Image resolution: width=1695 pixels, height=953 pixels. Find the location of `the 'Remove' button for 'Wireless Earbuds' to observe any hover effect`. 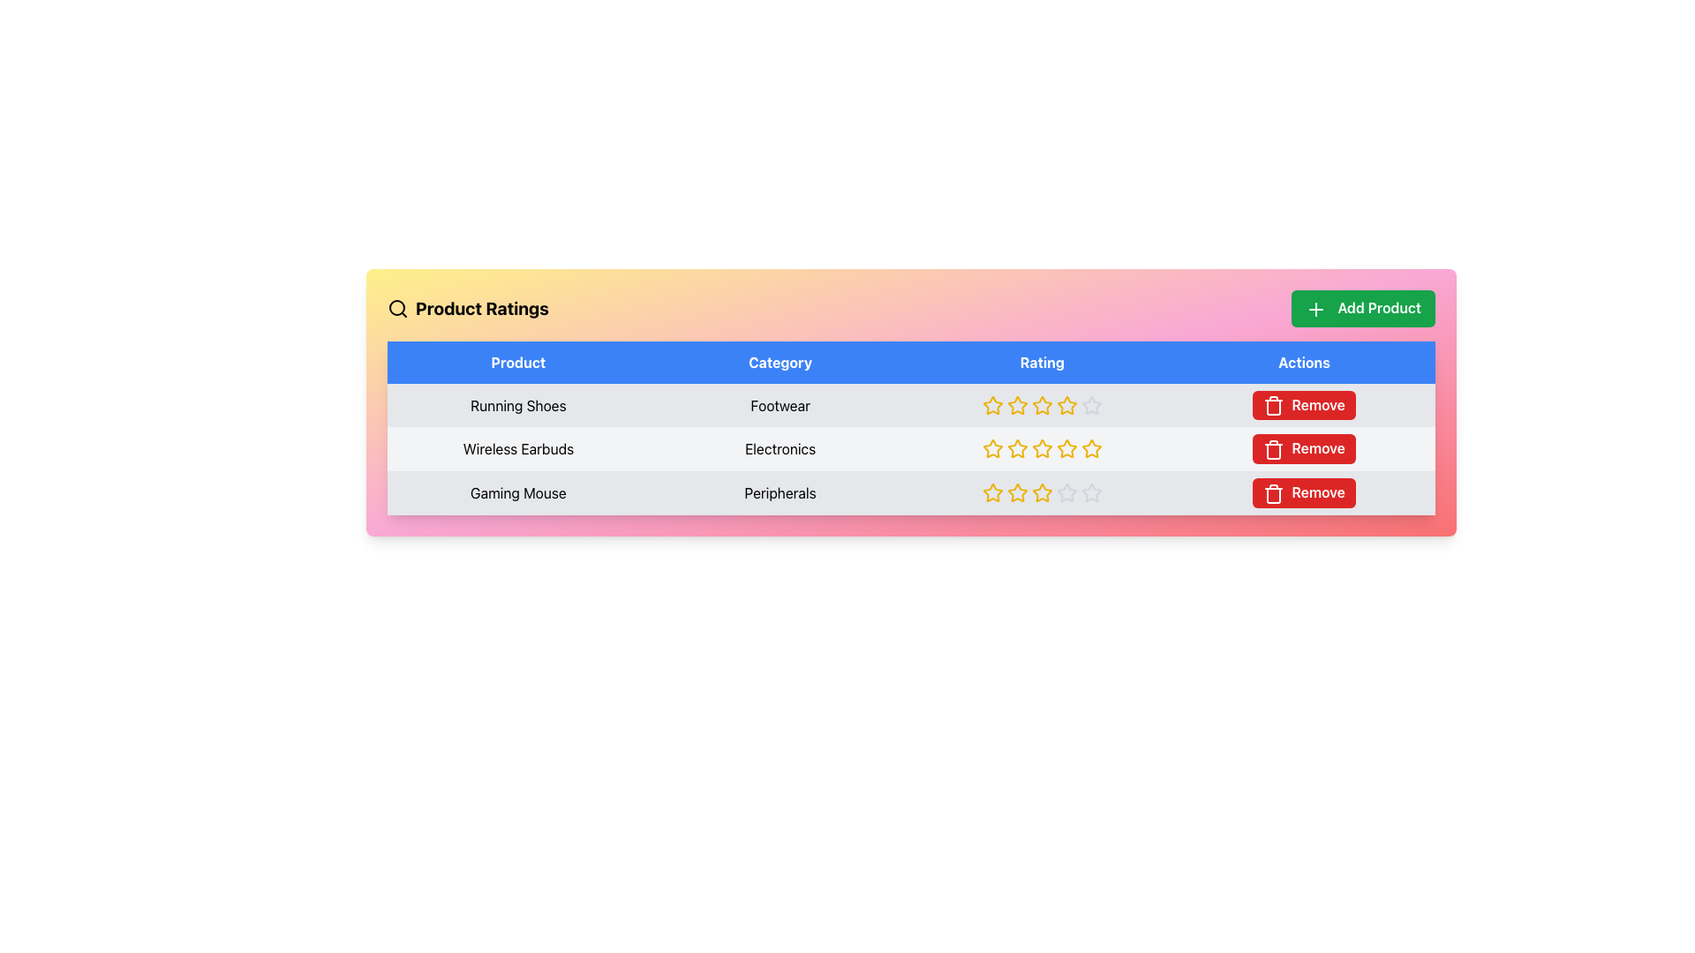

the 'Remove' button for 'Wireless Earbuds' to observe any hover effect is located at coordinates (1304, 405).